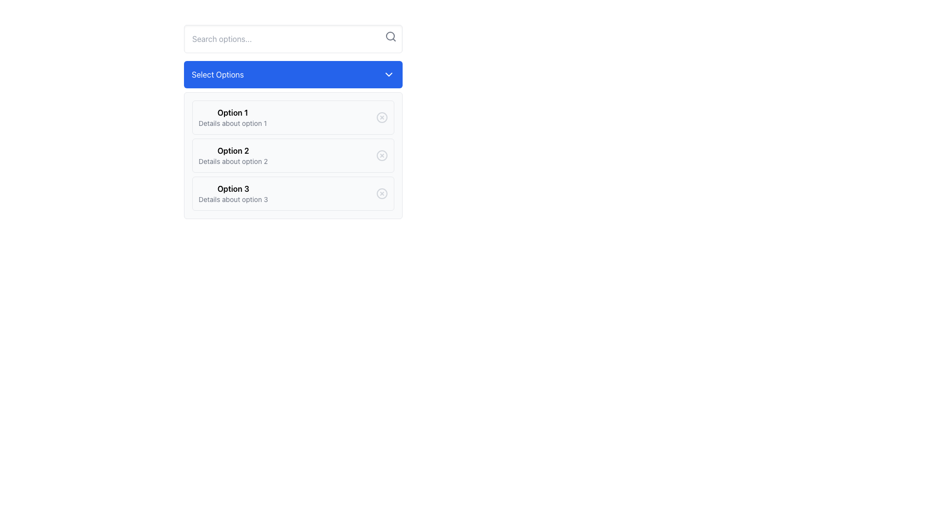 This screenshot has width=937, height=527. Describe the element at coordinates (381, 194) in the screenshot. I see `the circular 'X' button in the upper-right corner of the 'Option 3' row` at that location.